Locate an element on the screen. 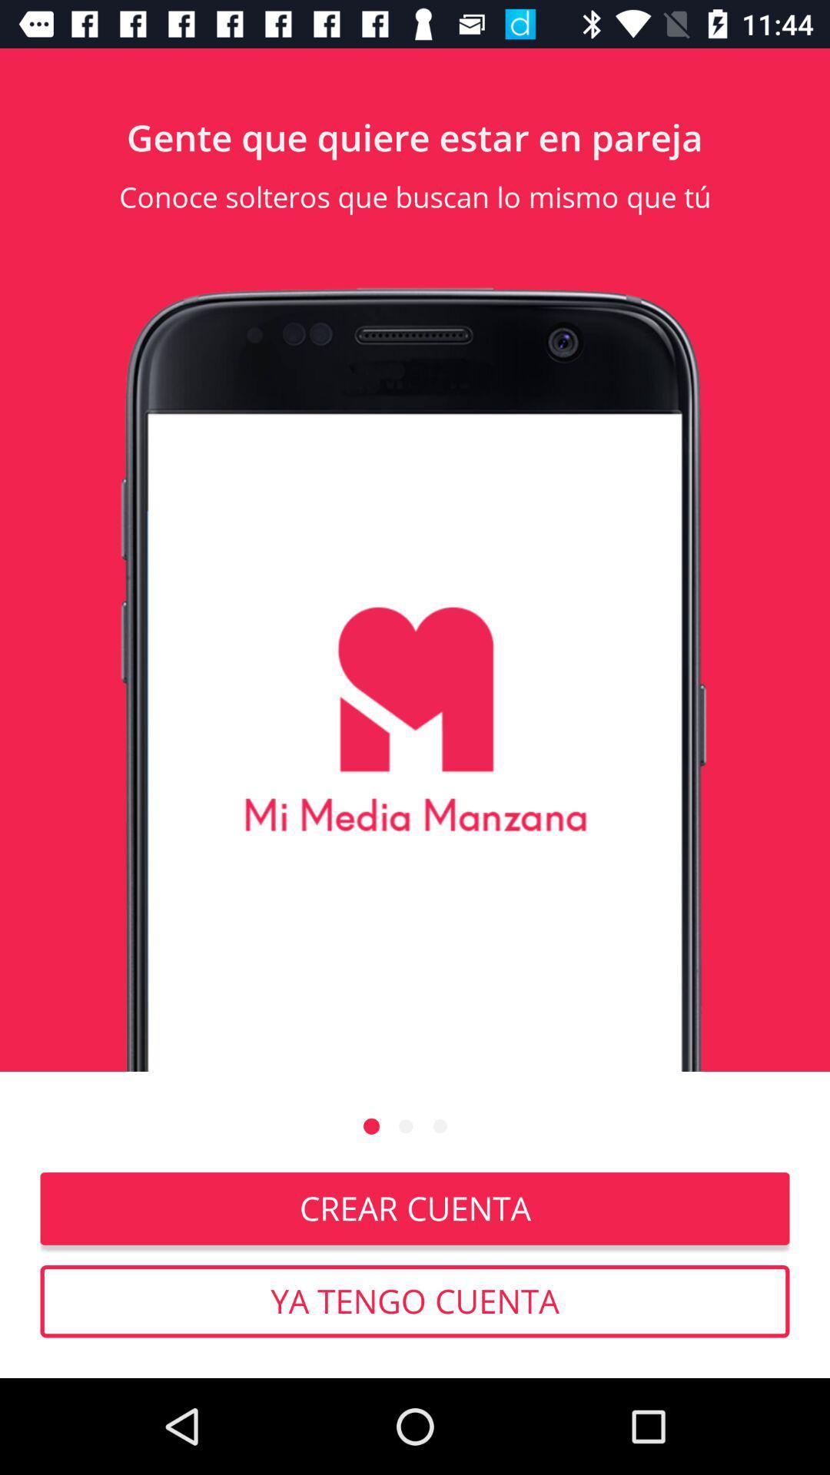 Image resolution: width=830 pixels, height=1475 pixels. crear cuenta item is located at coordinates (415, 1208).